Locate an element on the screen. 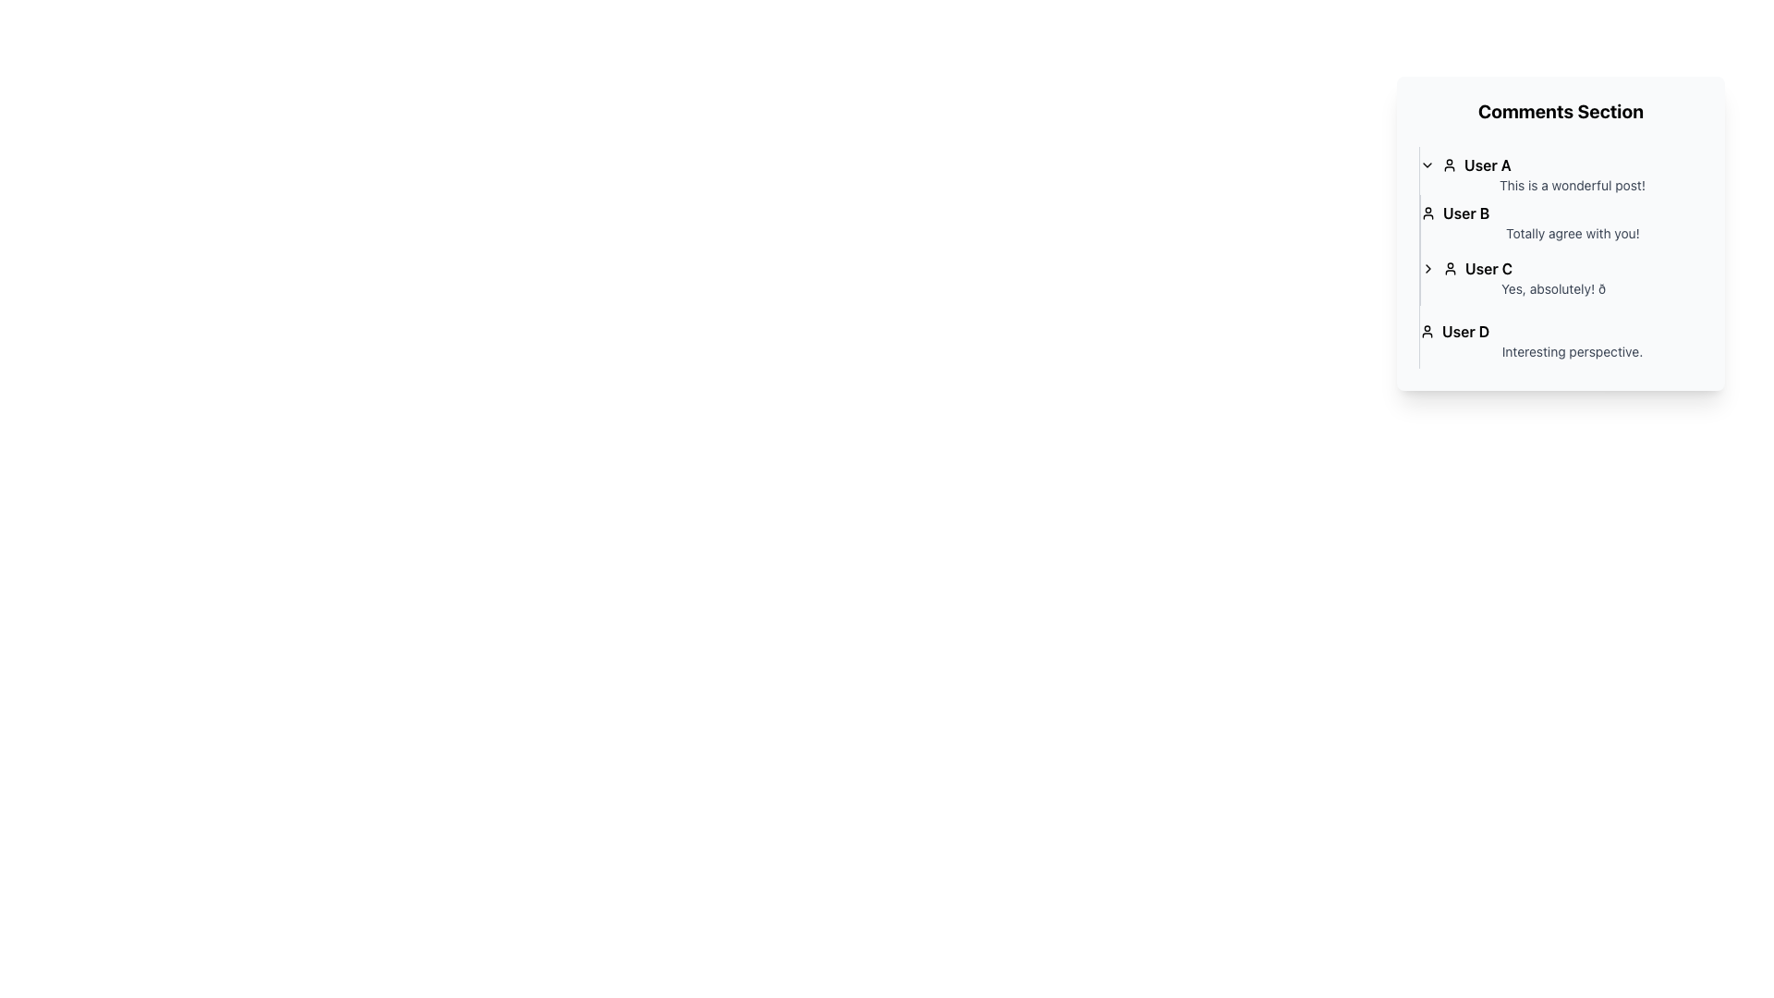 This screenshot has width=1774, height=998. the user identity icon located to the left of 'User A' in the comment section is located at coordinates (1449, 164).